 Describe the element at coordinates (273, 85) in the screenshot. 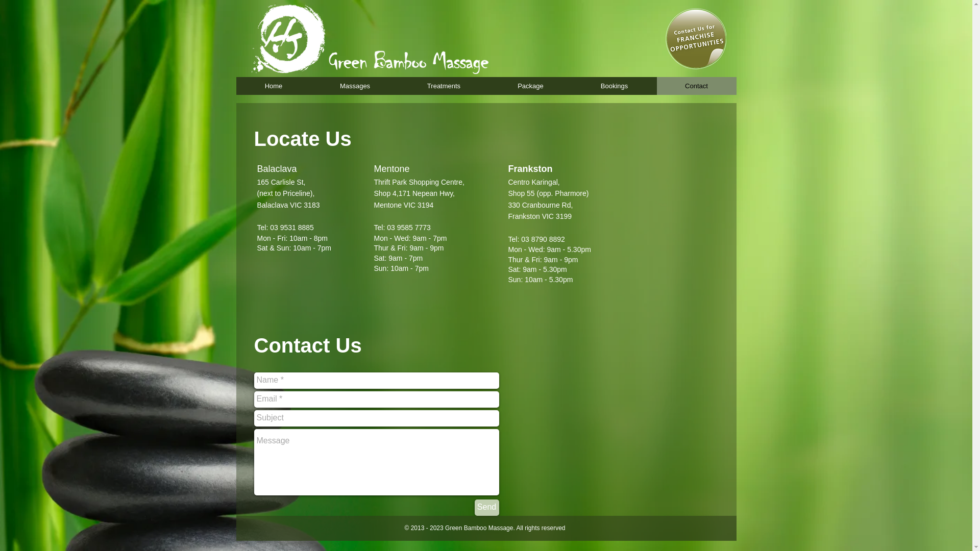

I see `'Home'` at that location.